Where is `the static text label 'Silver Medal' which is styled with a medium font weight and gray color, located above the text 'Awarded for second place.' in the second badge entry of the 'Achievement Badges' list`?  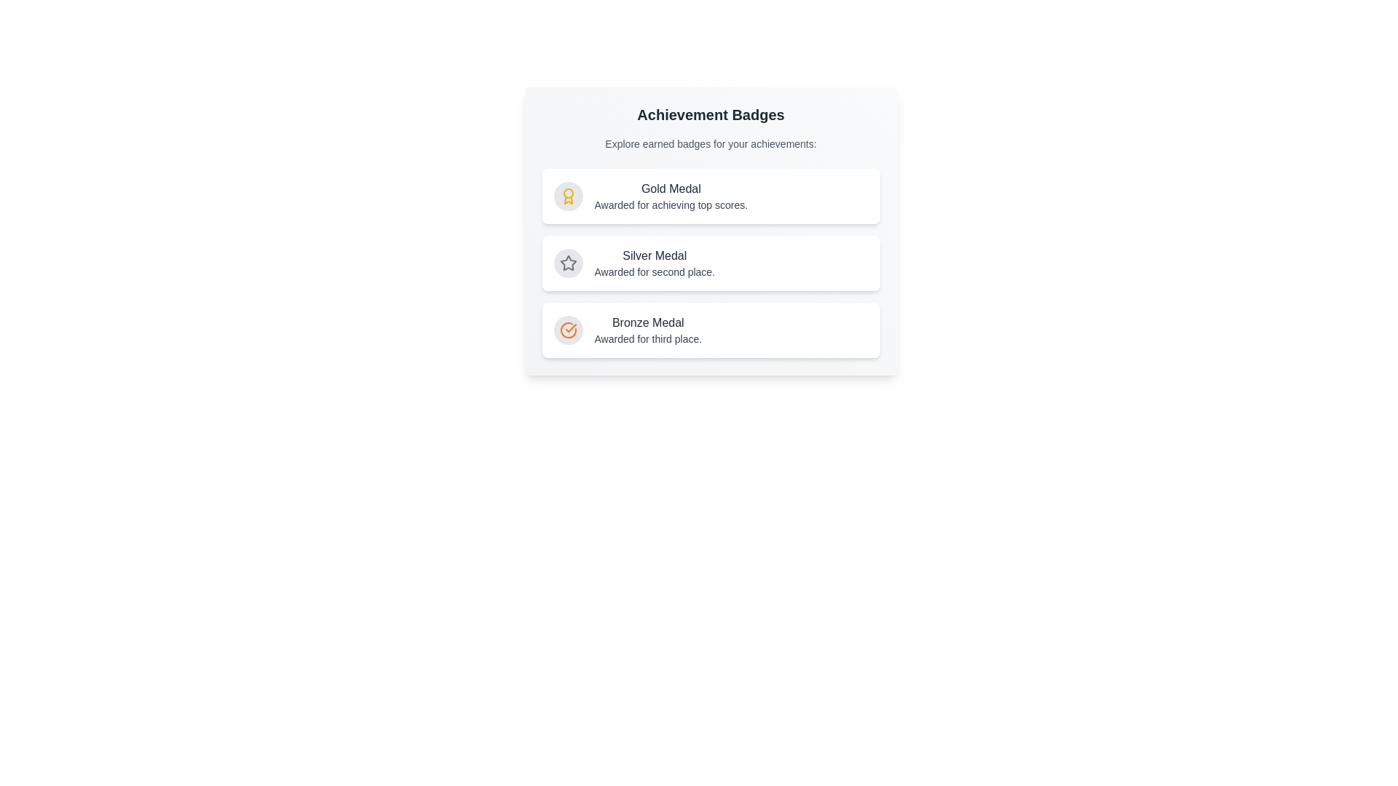 the static text label 'Silver Medal' which is styled with a medium font weight and gray color, located above the text 'Awarded for second place.' in the second badge entry of the 'Achievement Badges' list is located at coordinates (654, 255).